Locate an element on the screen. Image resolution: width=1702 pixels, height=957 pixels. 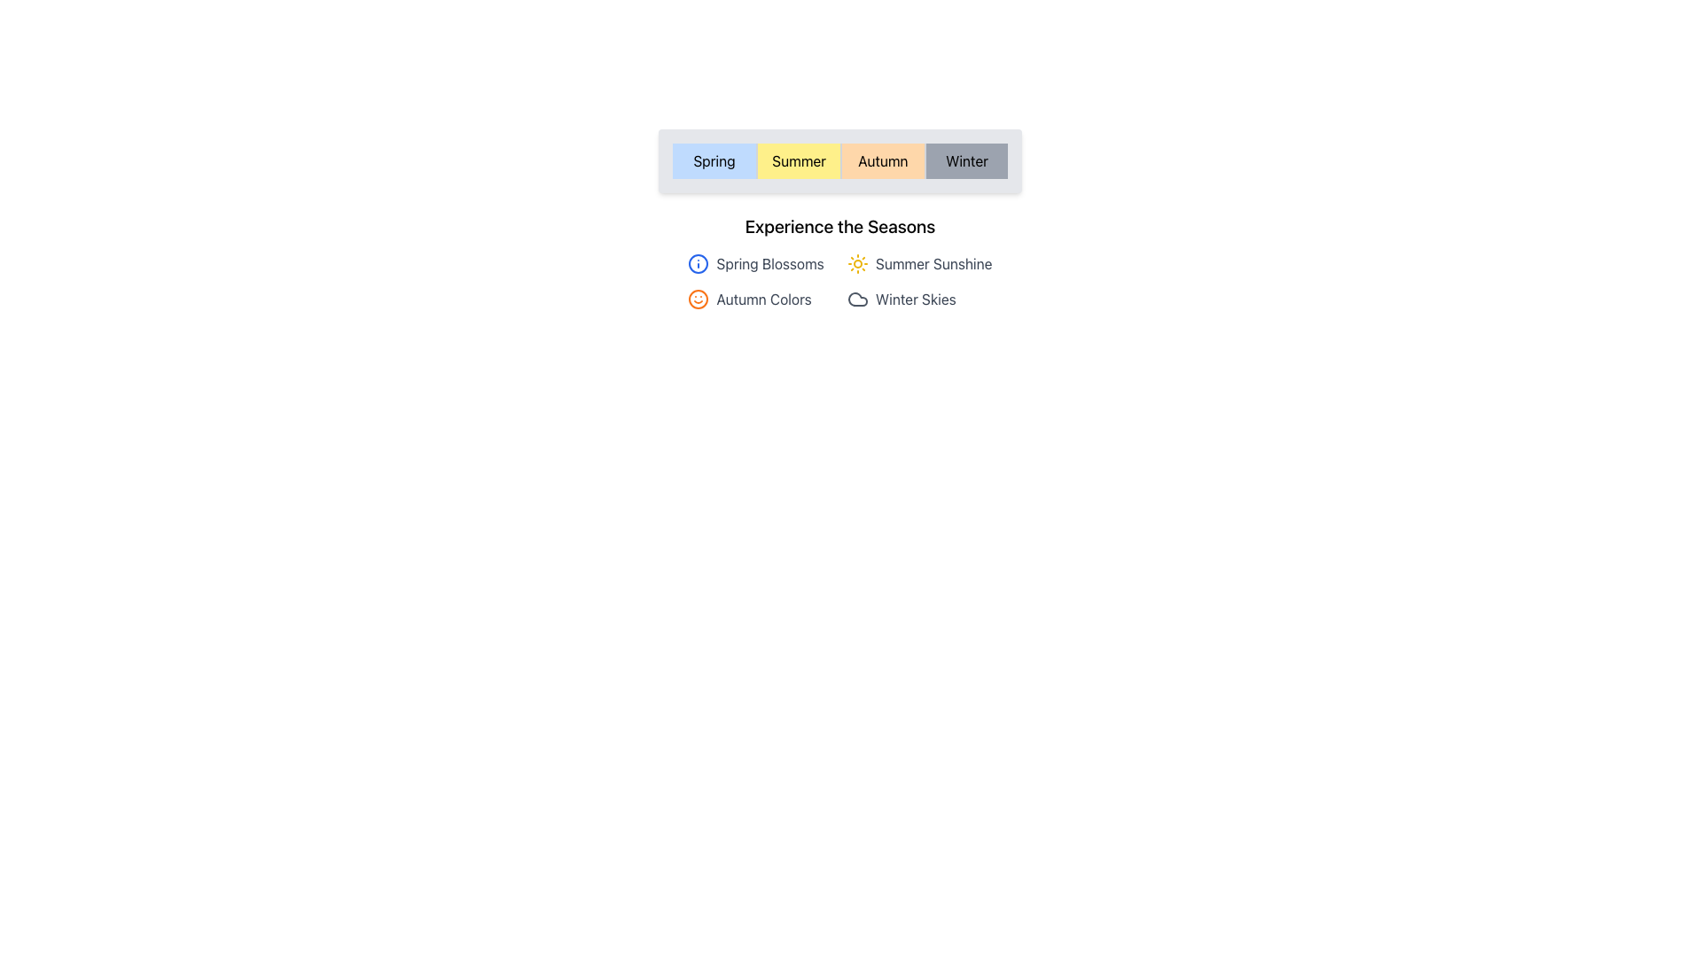
the 'Summer Sunshine' icon and text label element, which is the second item in the top row of a grid layout is located at coordinates (919, 263).